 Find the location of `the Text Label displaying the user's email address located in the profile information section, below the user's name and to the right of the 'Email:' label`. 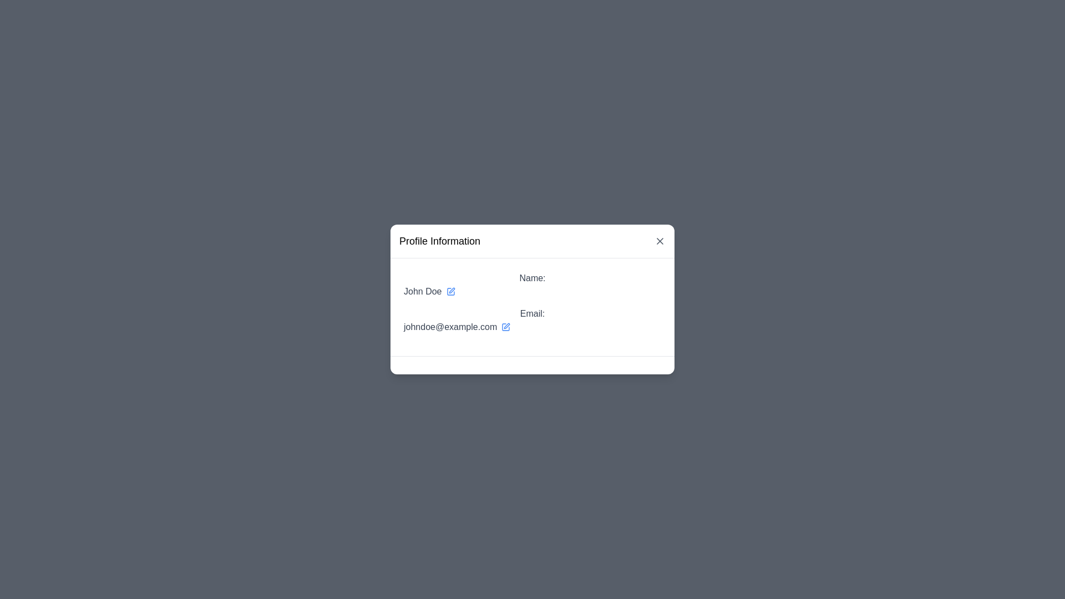

the Text Label displaying the user's email address located in the profile information section, below the user's name and to the right of the 'Email:' label is located at coordinates (450, 327).